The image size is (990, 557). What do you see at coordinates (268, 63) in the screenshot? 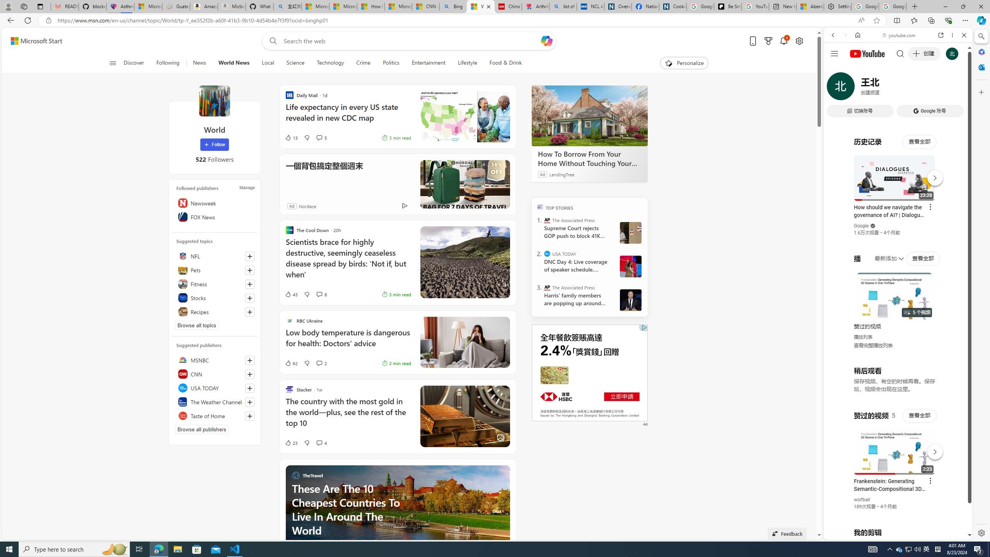
I see `'Local'` at bounding box center [268, 63].